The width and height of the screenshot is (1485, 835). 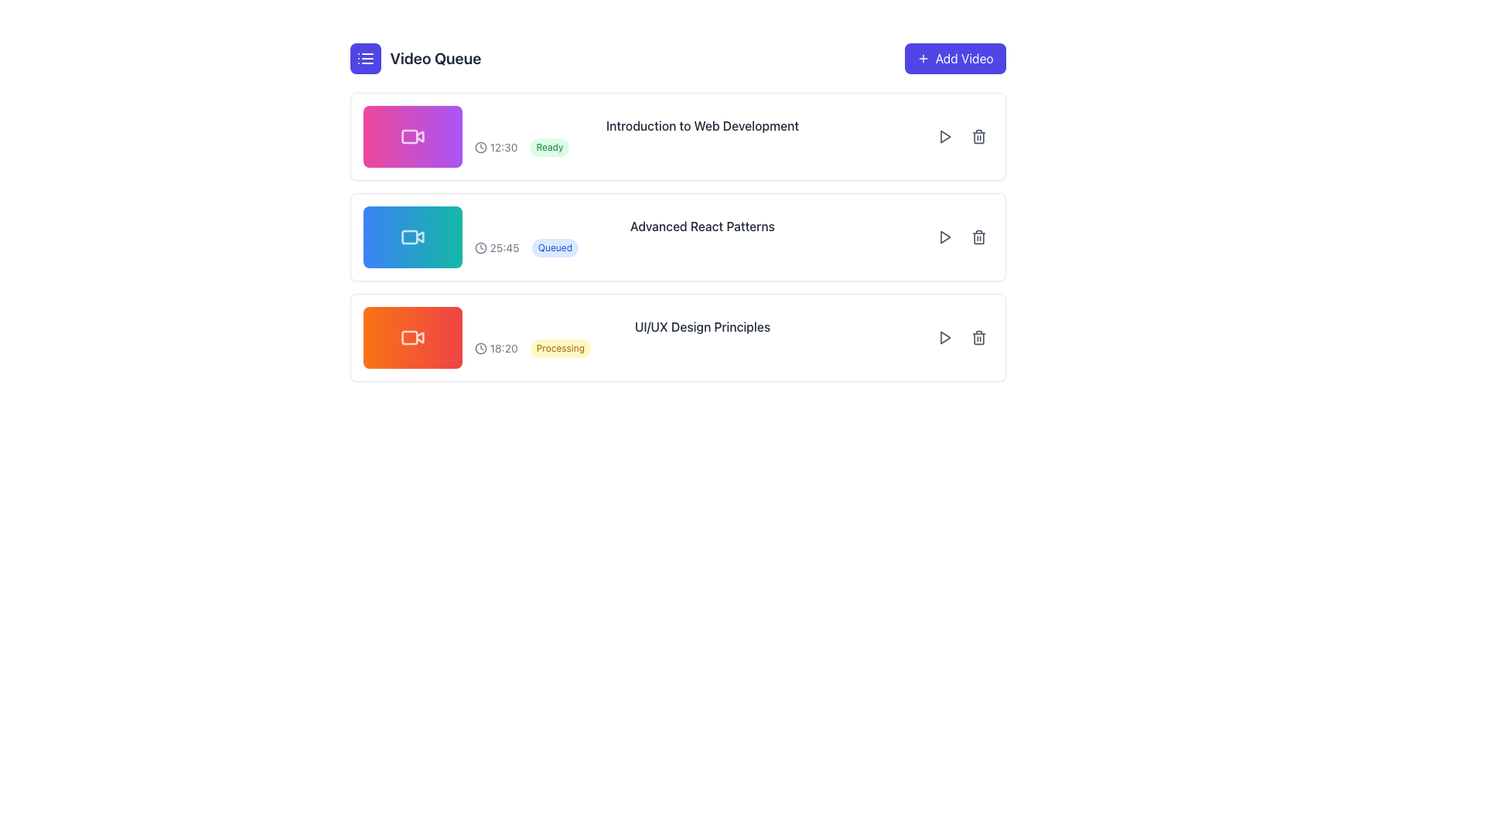 What do you see at coordinates (978, 237) in the screenshot?
I see `the circular delete button with a trash can icon located on the far right side of the 'Advanced React Patterns' list item` at bounding box center [978, 237].